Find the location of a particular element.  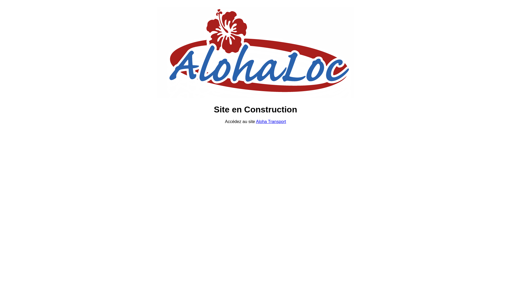

'Aloha Transport' is located at coordinates (271, 121).